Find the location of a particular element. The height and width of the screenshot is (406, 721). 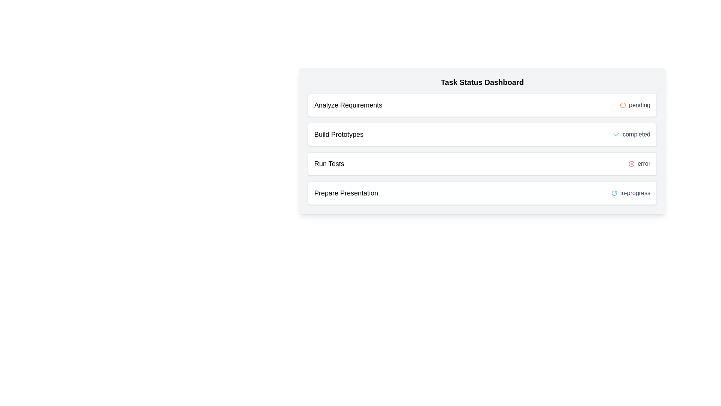

the checkmark icon that represents the successful completion of the task in the 'Build Prototypes' row of the task status dashboard is located at coordinates (617, 134).